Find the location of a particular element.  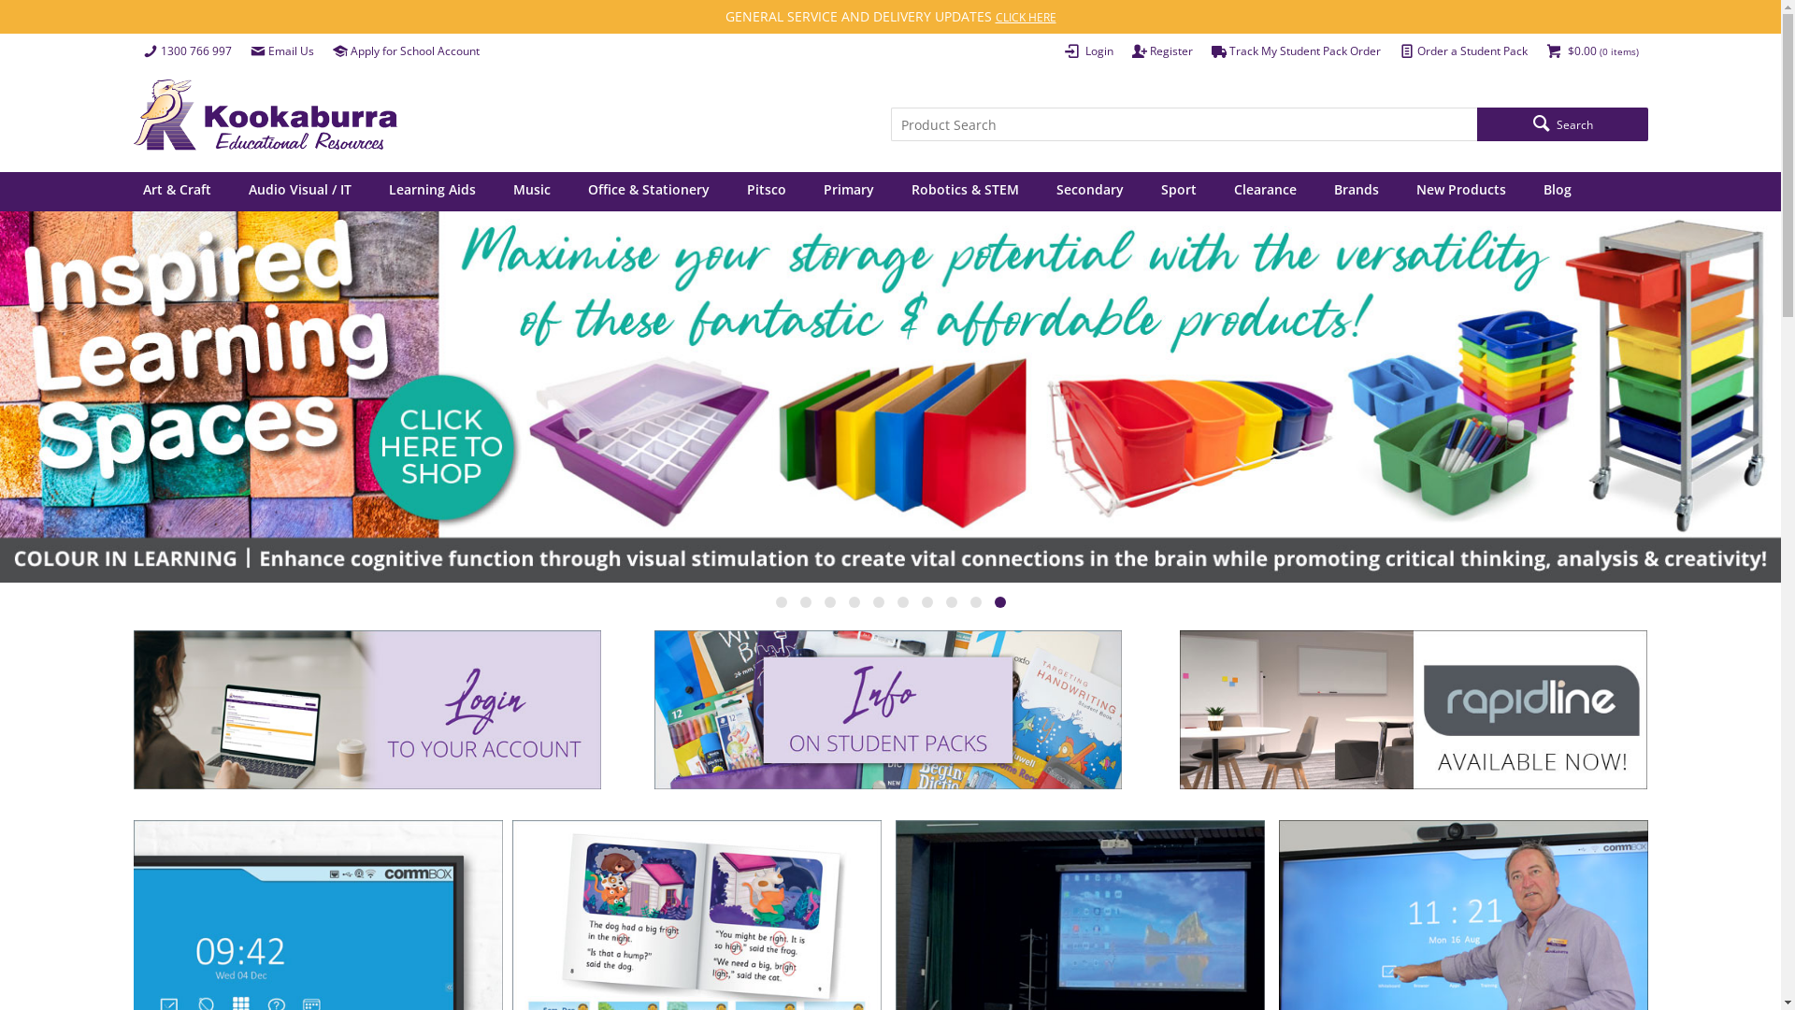

'Robotics & STEM' is located at coordinates (897, 191).